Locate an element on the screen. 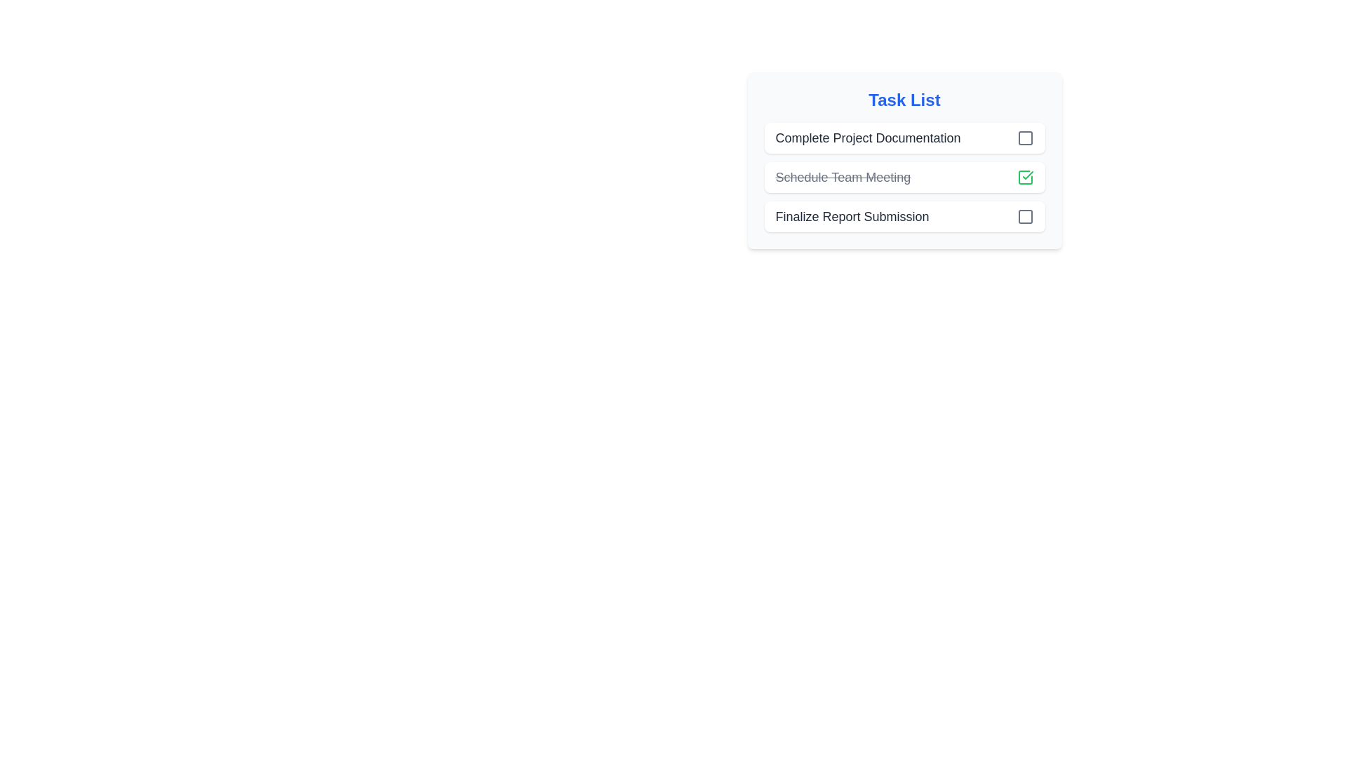 The height and width of the screenshot is (758, 1347). the text 'Complete Project Documentation' is located at coordinates (904, 138).